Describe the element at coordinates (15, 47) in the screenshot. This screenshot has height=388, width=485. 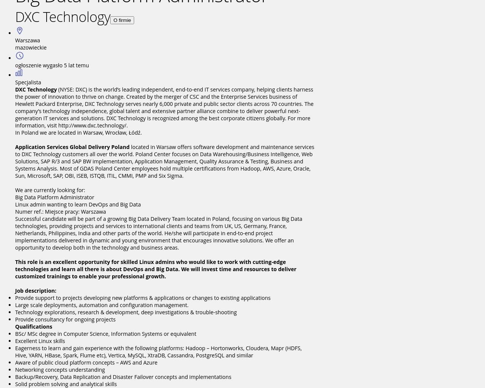
I see `'mazowieckie'` at that location.